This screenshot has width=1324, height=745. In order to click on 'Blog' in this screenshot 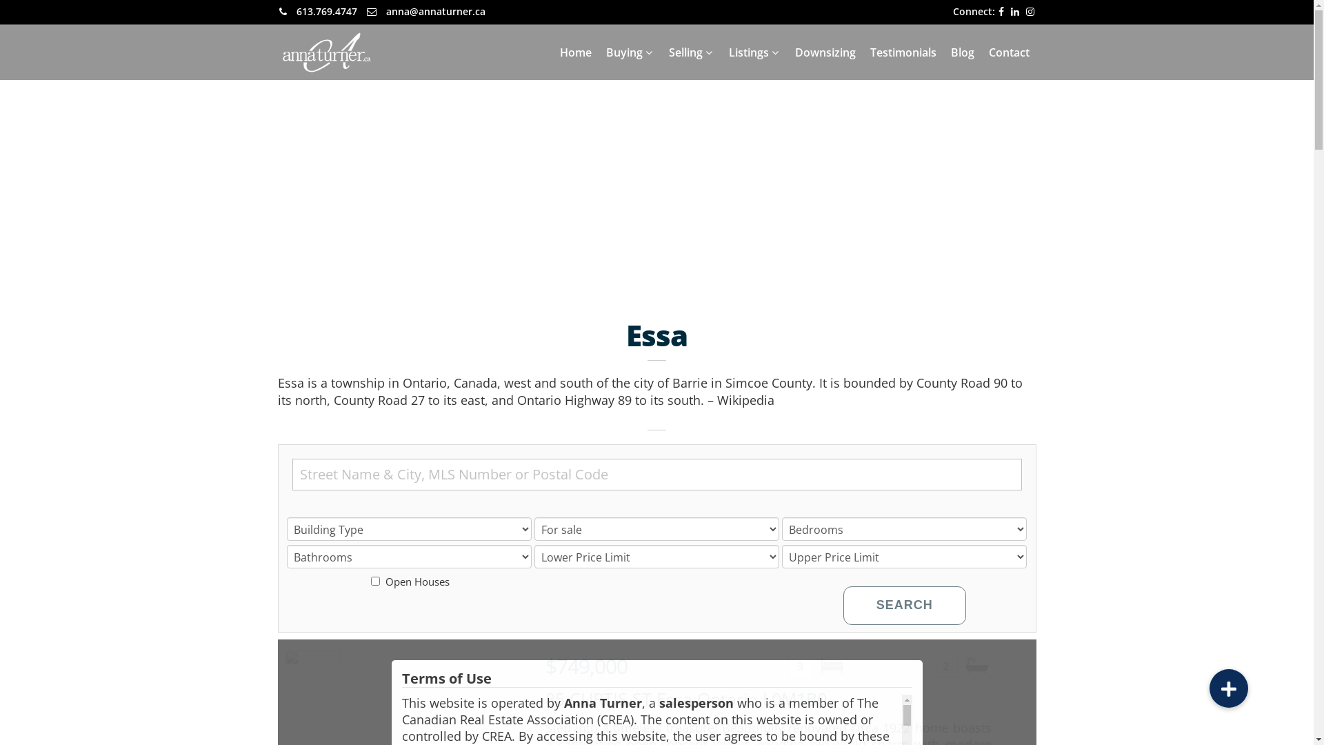, I will do `click(961, 52)`.